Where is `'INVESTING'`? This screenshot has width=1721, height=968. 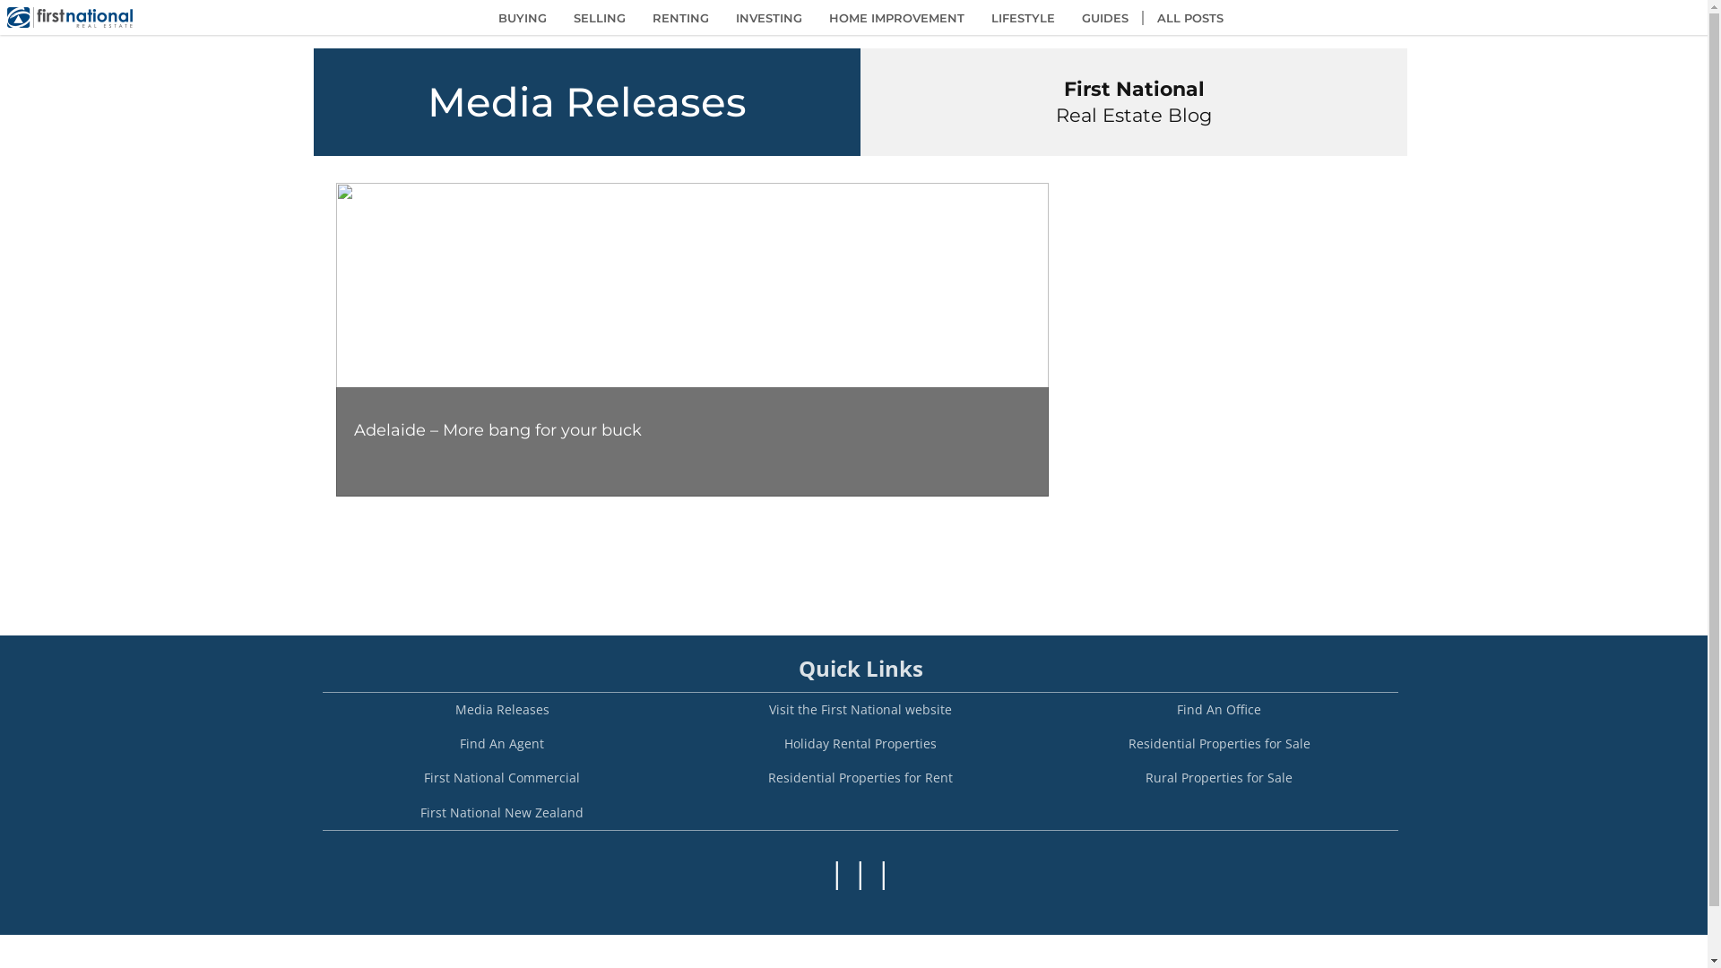
'INVESTING' is located at coordinates (769, 17).